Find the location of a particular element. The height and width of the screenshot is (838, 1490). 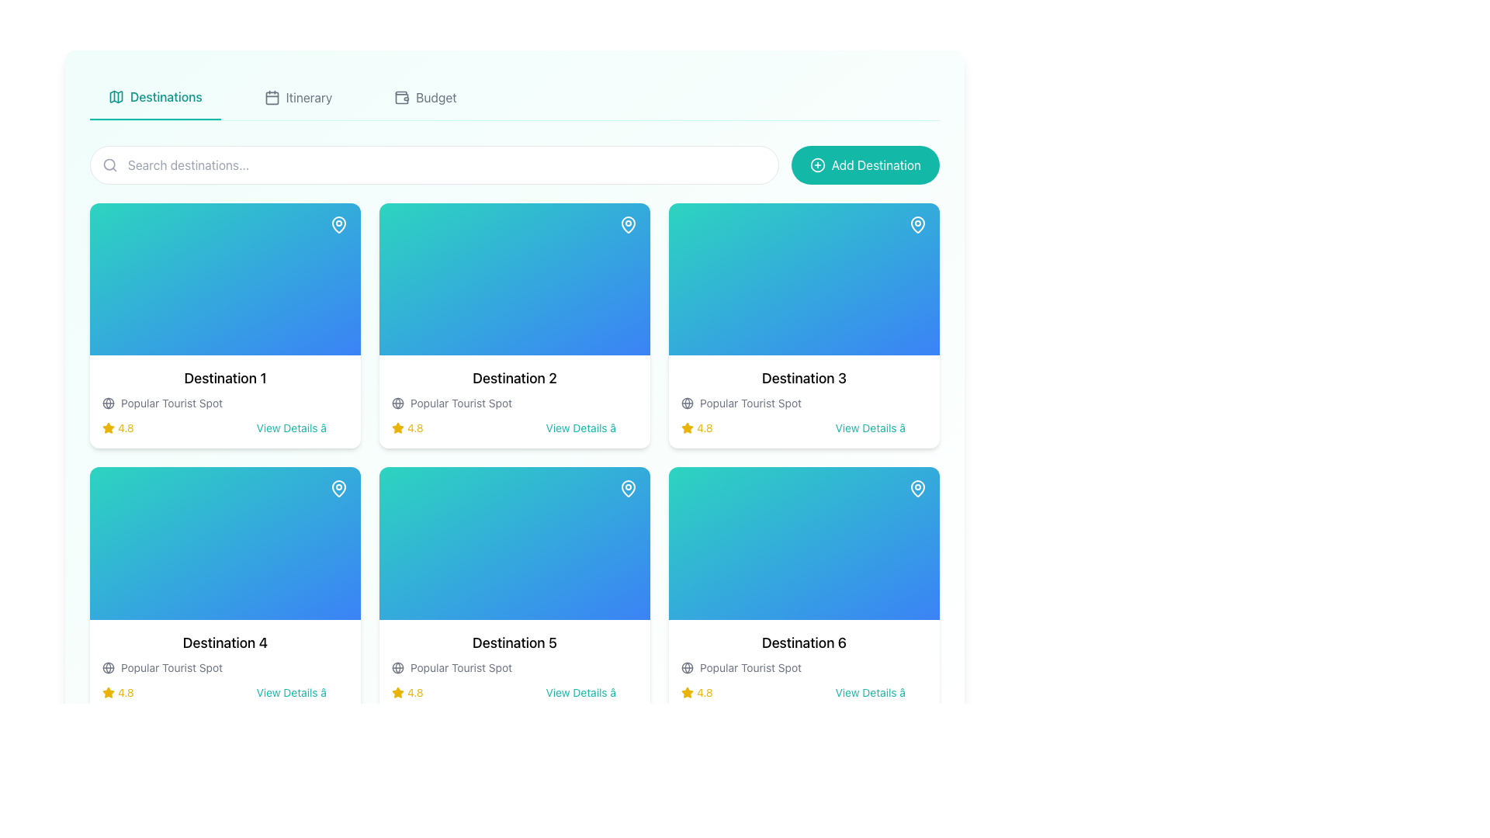

the details of the Card Element titled 'Destination 3', which is the third card in a grid layout with a teal to blue gradient background, a map pin icon, a bold title, a description text, a rating, and a clickable 'View Details →' link is located at coordinates (804, 325).